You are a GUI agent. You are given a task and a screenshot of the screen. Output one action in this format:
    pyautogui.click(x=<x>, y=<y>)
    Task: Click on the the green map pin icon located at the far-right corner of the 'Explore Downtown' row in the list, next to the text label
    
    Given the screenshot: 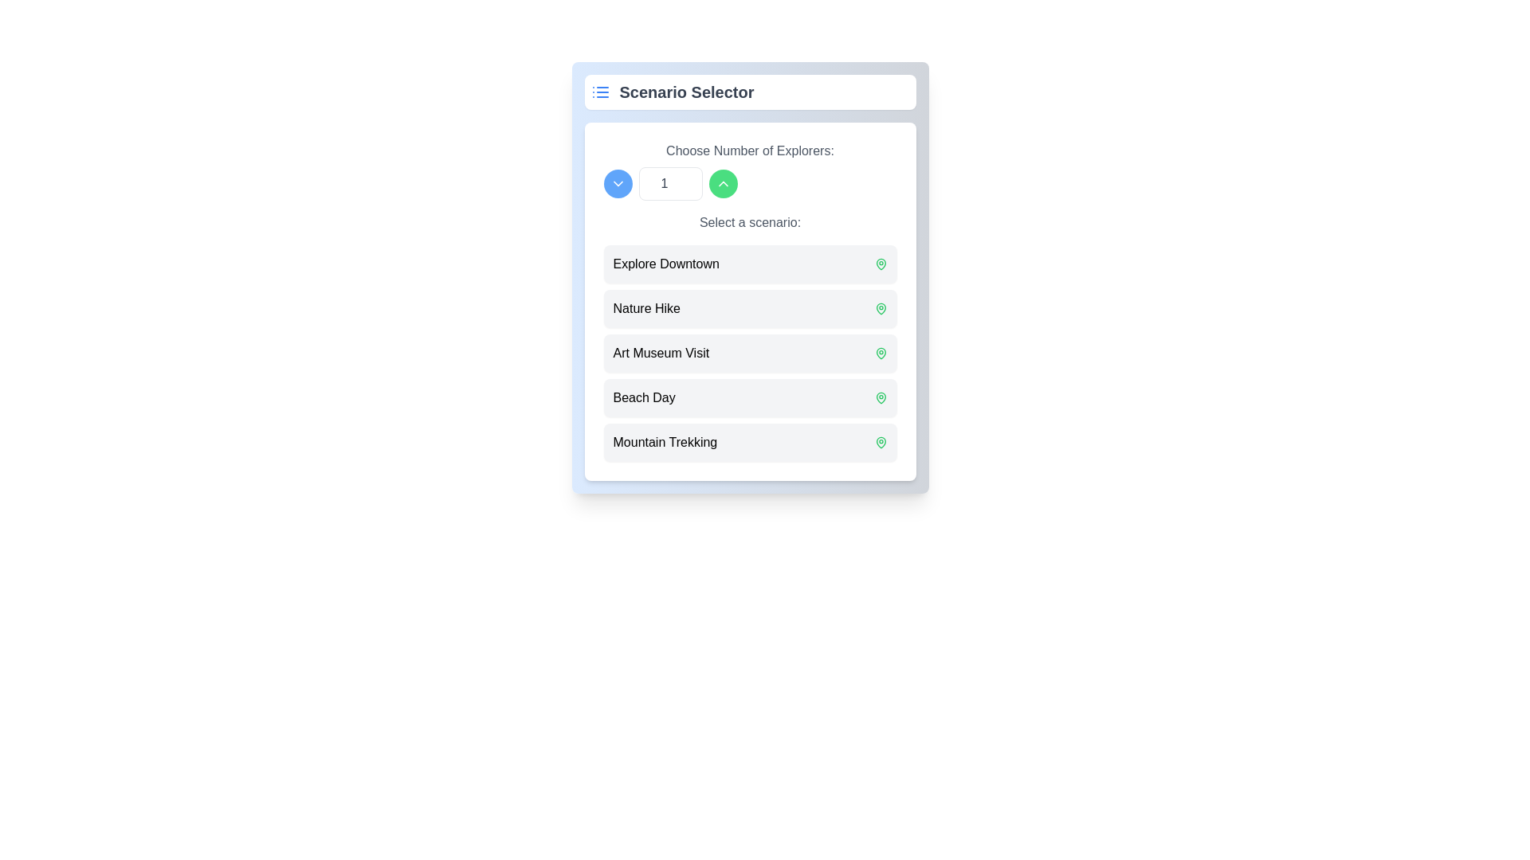 What is the action you would take?
    pyautogui.click(x=880, y=263)
    